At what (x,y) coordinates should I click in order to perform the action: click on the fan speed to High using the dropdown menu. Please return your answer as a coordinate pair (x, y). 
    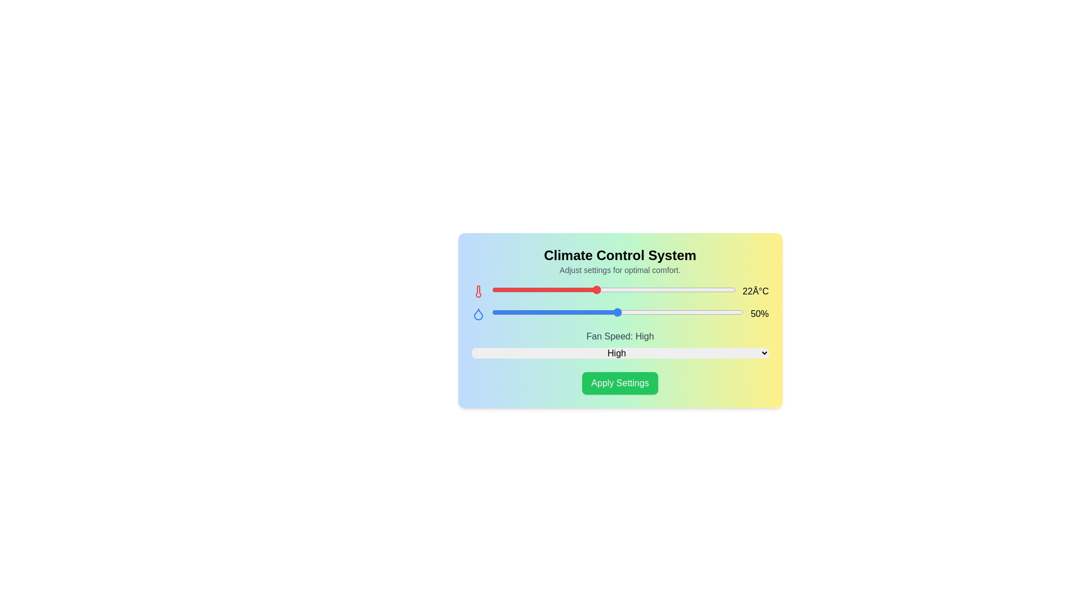
    Looking at the image, I should click on (619, 352).